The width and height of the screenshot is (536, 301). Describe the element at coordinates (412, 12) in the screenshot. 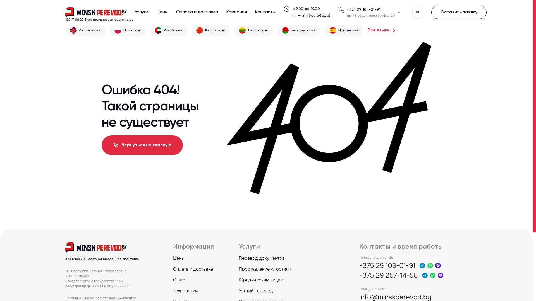

I see `'Ru'` at that location.